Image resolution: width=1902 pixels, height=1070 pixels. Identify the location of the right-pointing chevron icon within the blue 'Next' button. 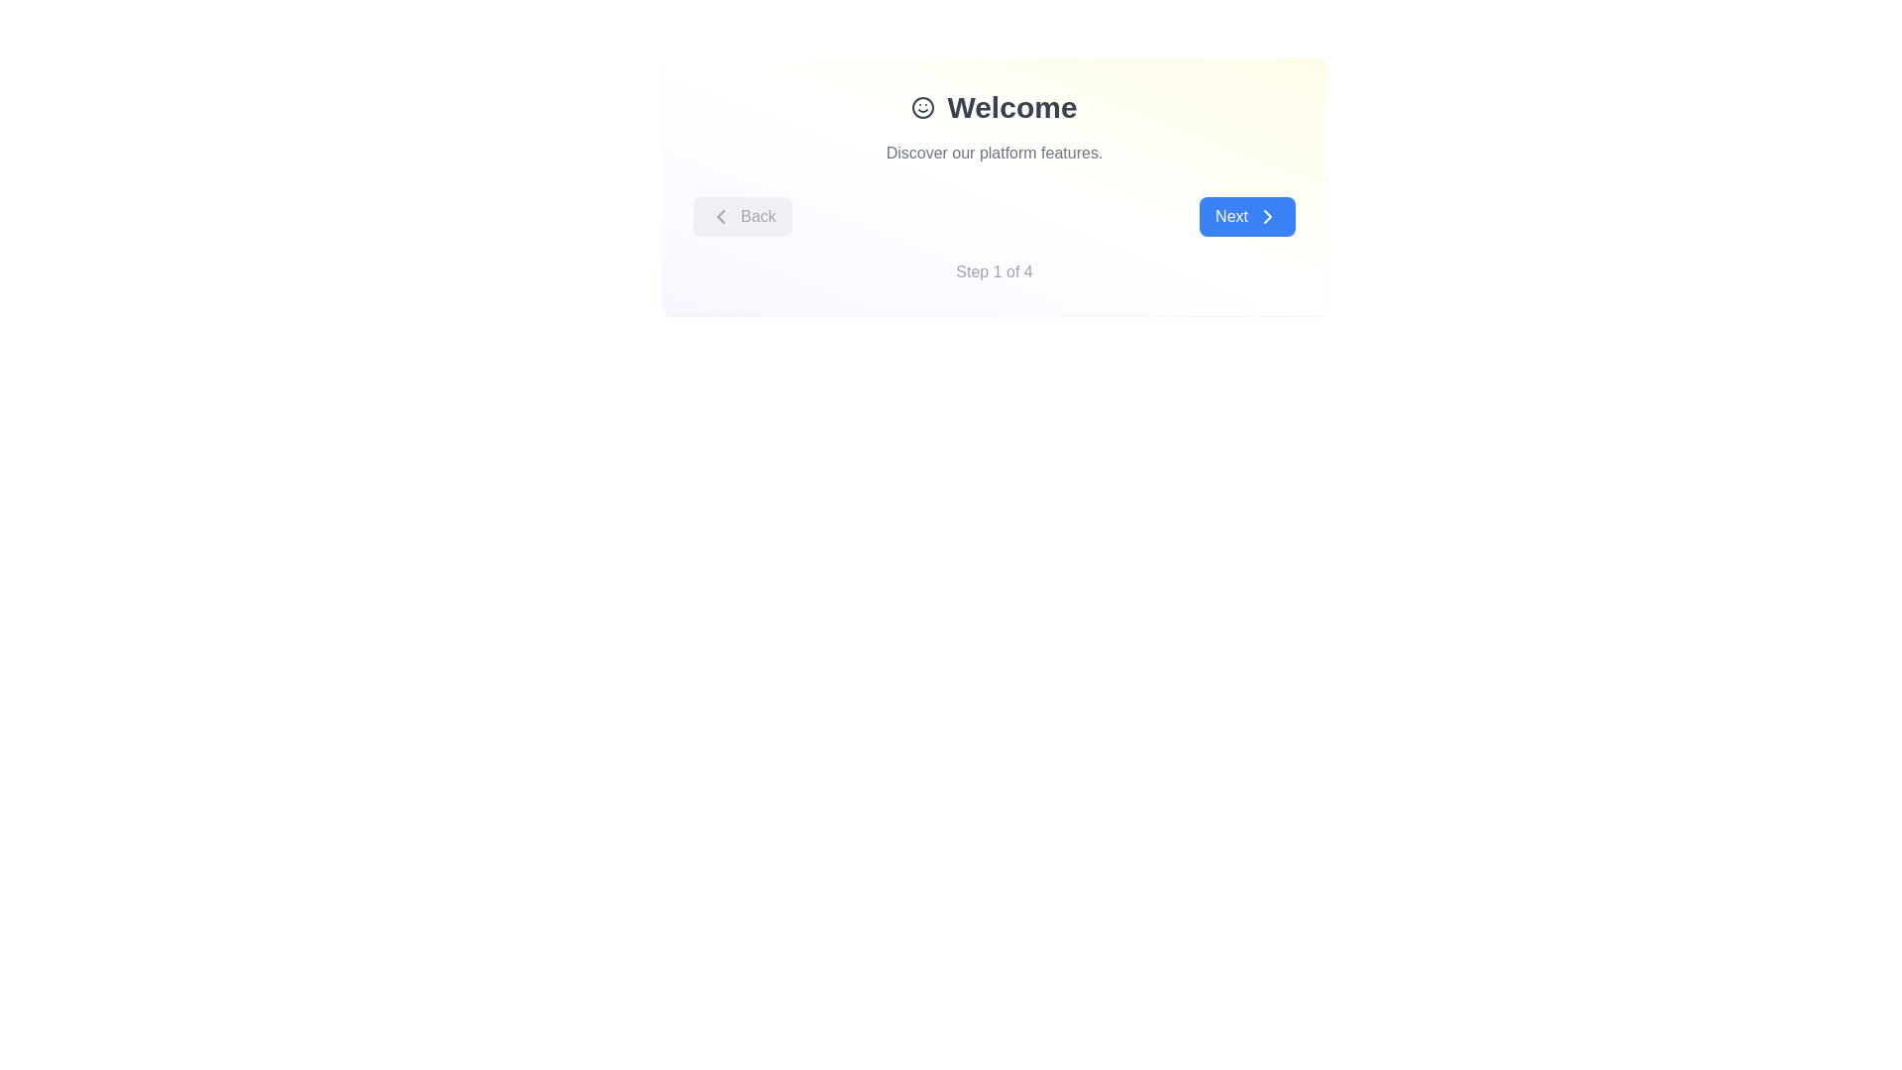
(1268, 217).